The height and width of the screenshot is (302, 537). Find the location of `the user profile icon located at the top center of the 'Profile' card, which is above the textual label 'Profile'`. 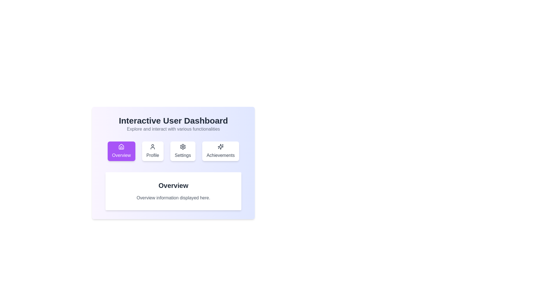

the user profile icon located at the top center of the 'Profile' card, which is above the textual label 'Profile' is located at coordinates (153, 146).